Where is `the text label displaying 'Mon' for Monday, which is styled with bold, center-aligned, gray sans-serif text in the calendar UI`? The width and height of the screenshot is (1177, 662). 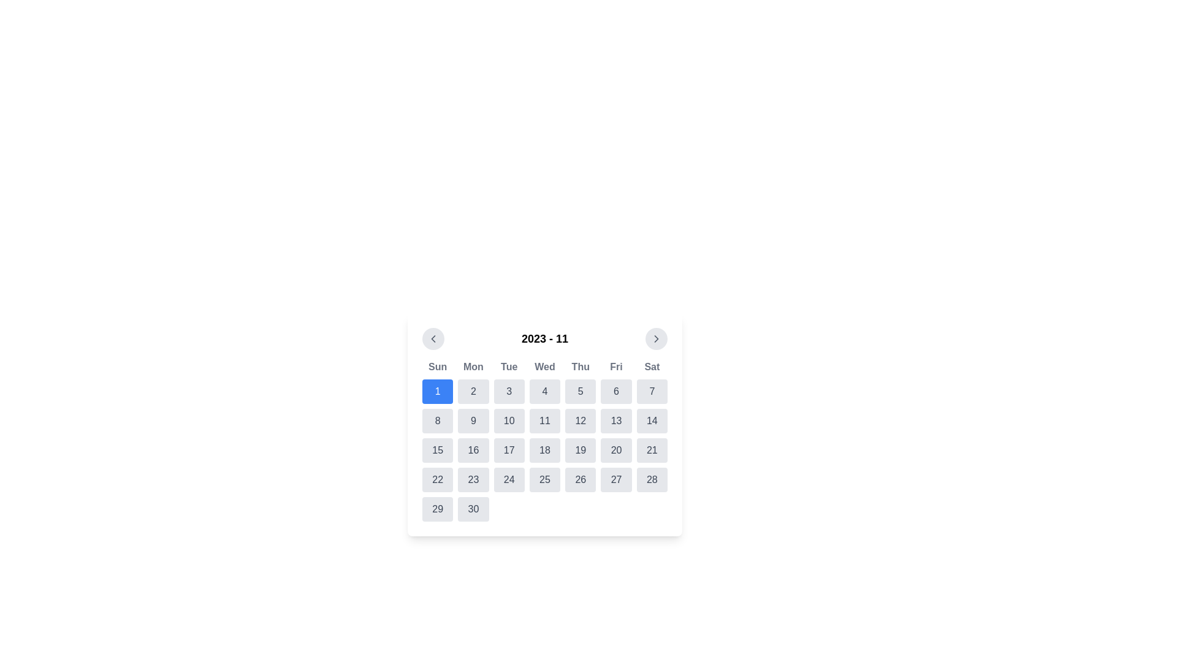
the text label displaying 'Mon' for Monday, which is styled with bold, center-aligned, gray sans-serif text in the calendar UI is located at coordinates (473, 366).